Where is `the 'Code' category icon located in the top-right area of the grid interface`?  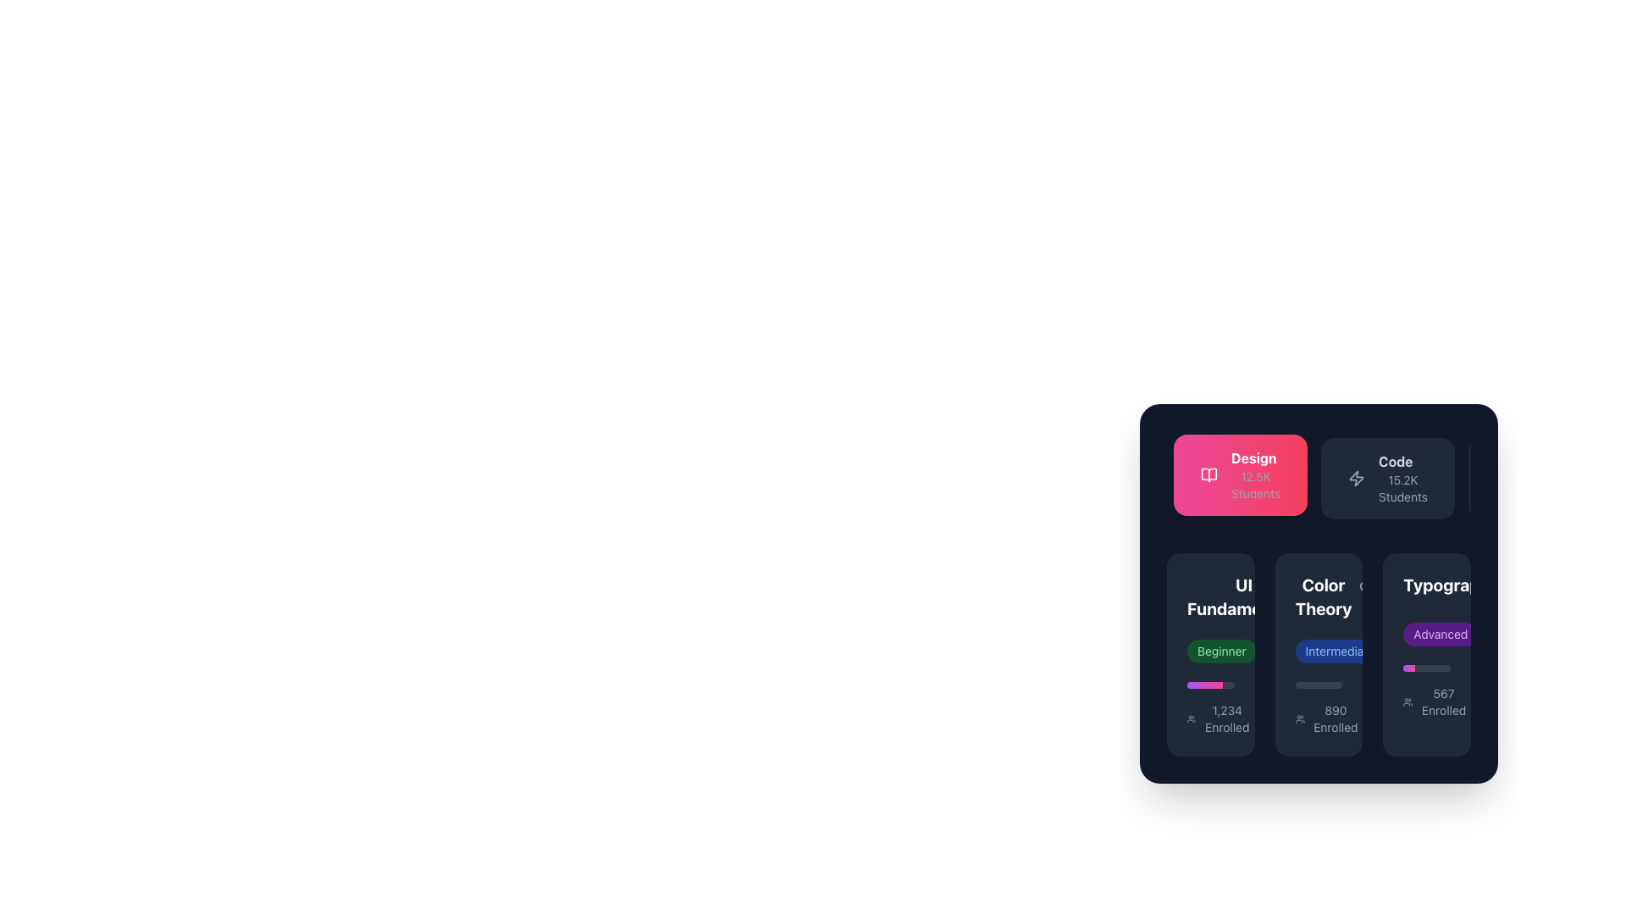 the 'Code' category icon located in the top-right area of the grid interface is located at coordinates (1357, 478).